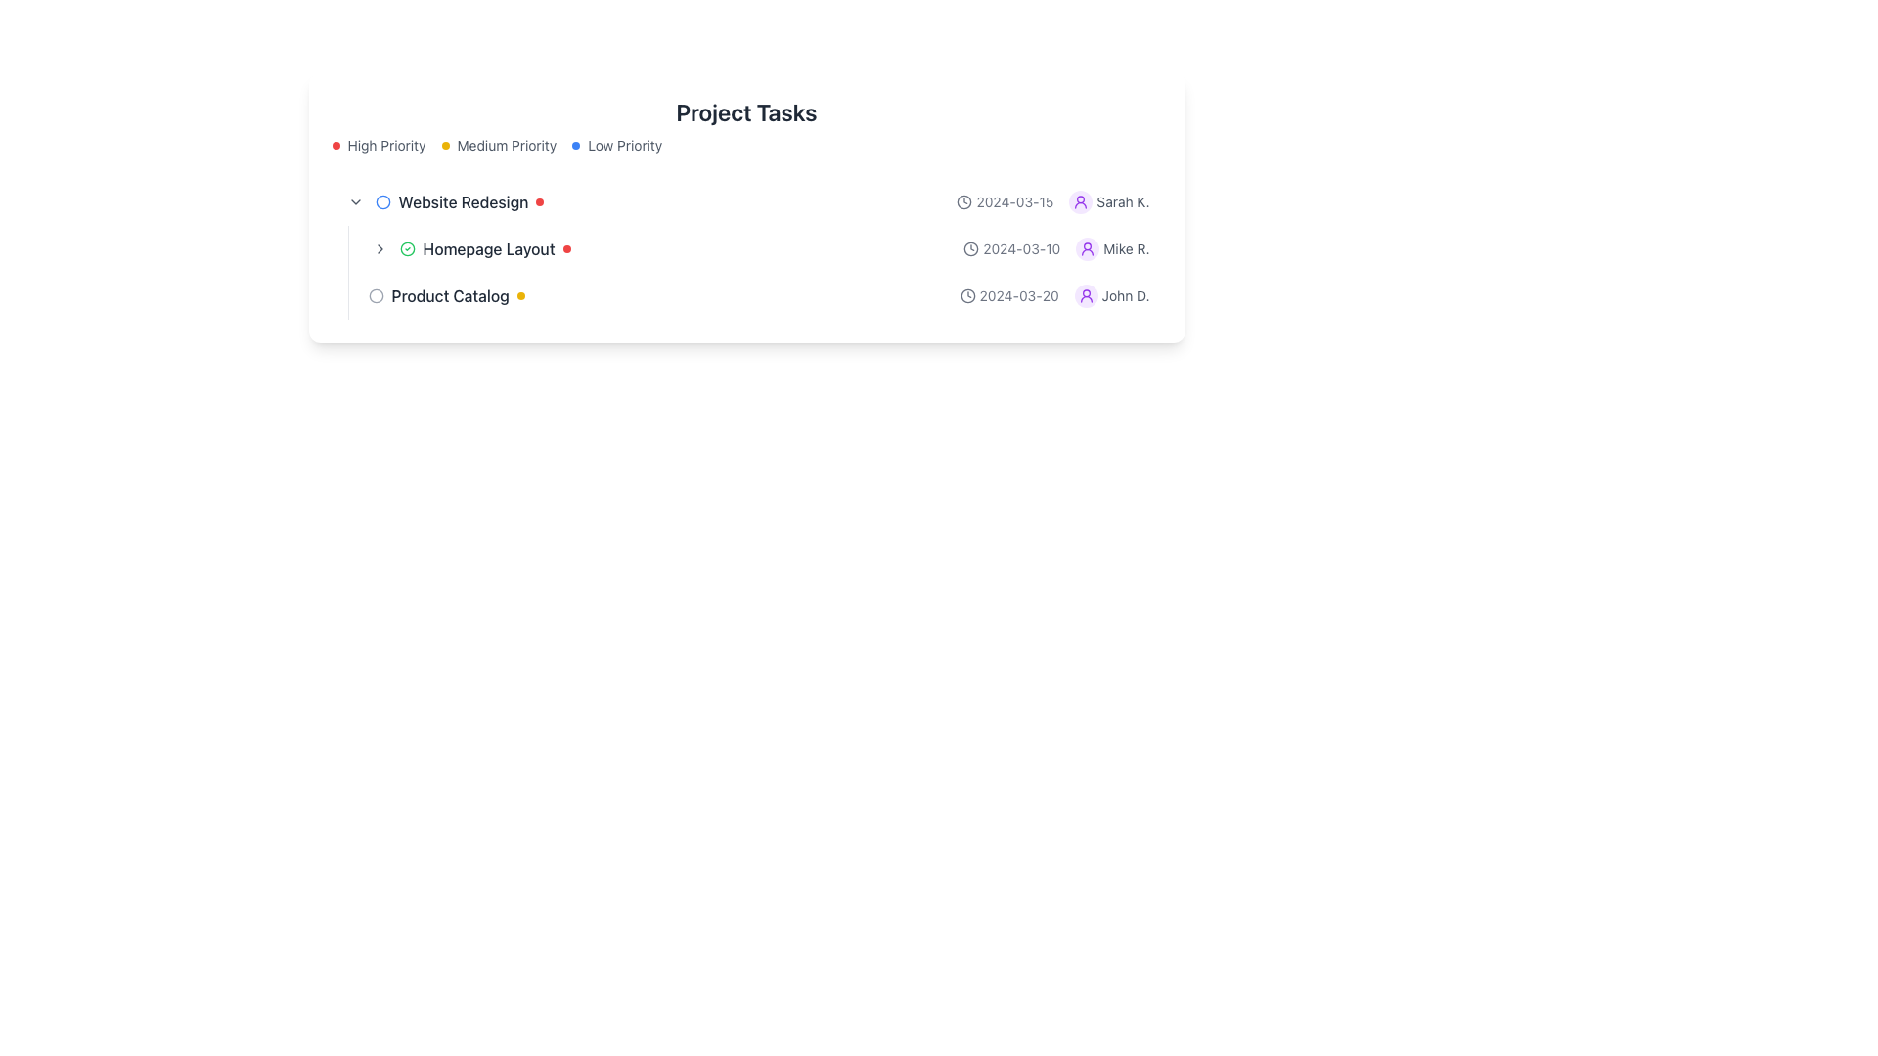  I want to click on the circular icon with a light purple background representing a user profile silhouette, located to the left of the username 'John D.' in the project task list, so click(1085, 296).